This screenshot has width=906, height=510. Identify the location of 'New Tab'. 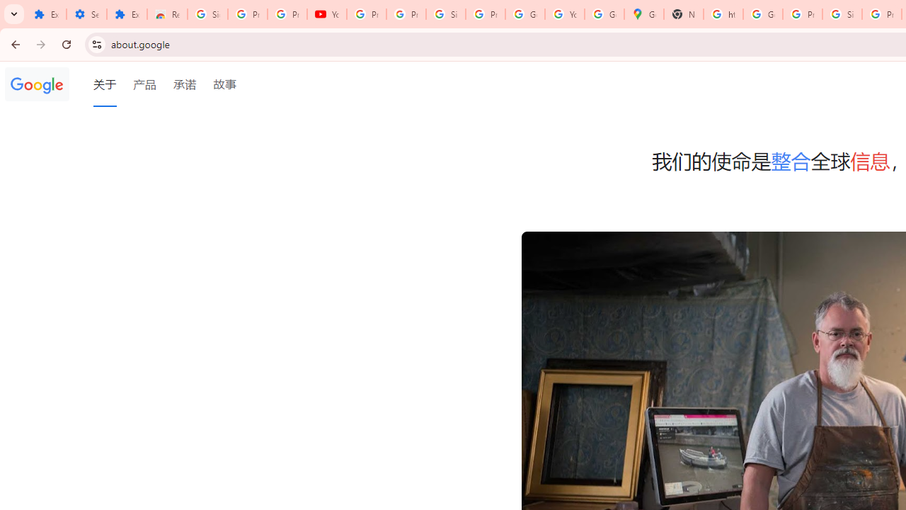
(684, 14).